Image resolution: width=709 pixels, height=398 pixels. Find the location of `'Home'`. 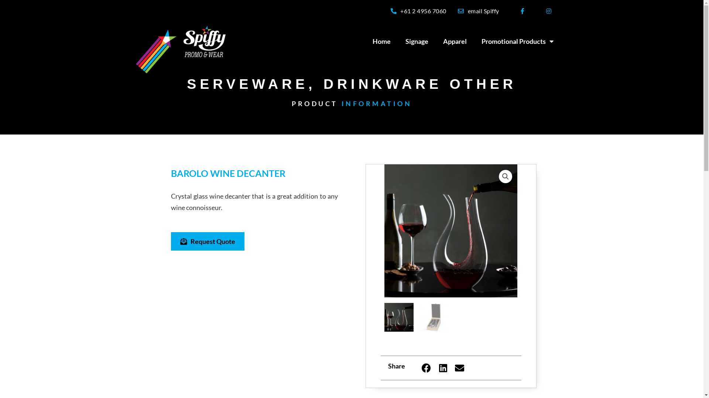

'Home' is located at coordinates (381, 41).